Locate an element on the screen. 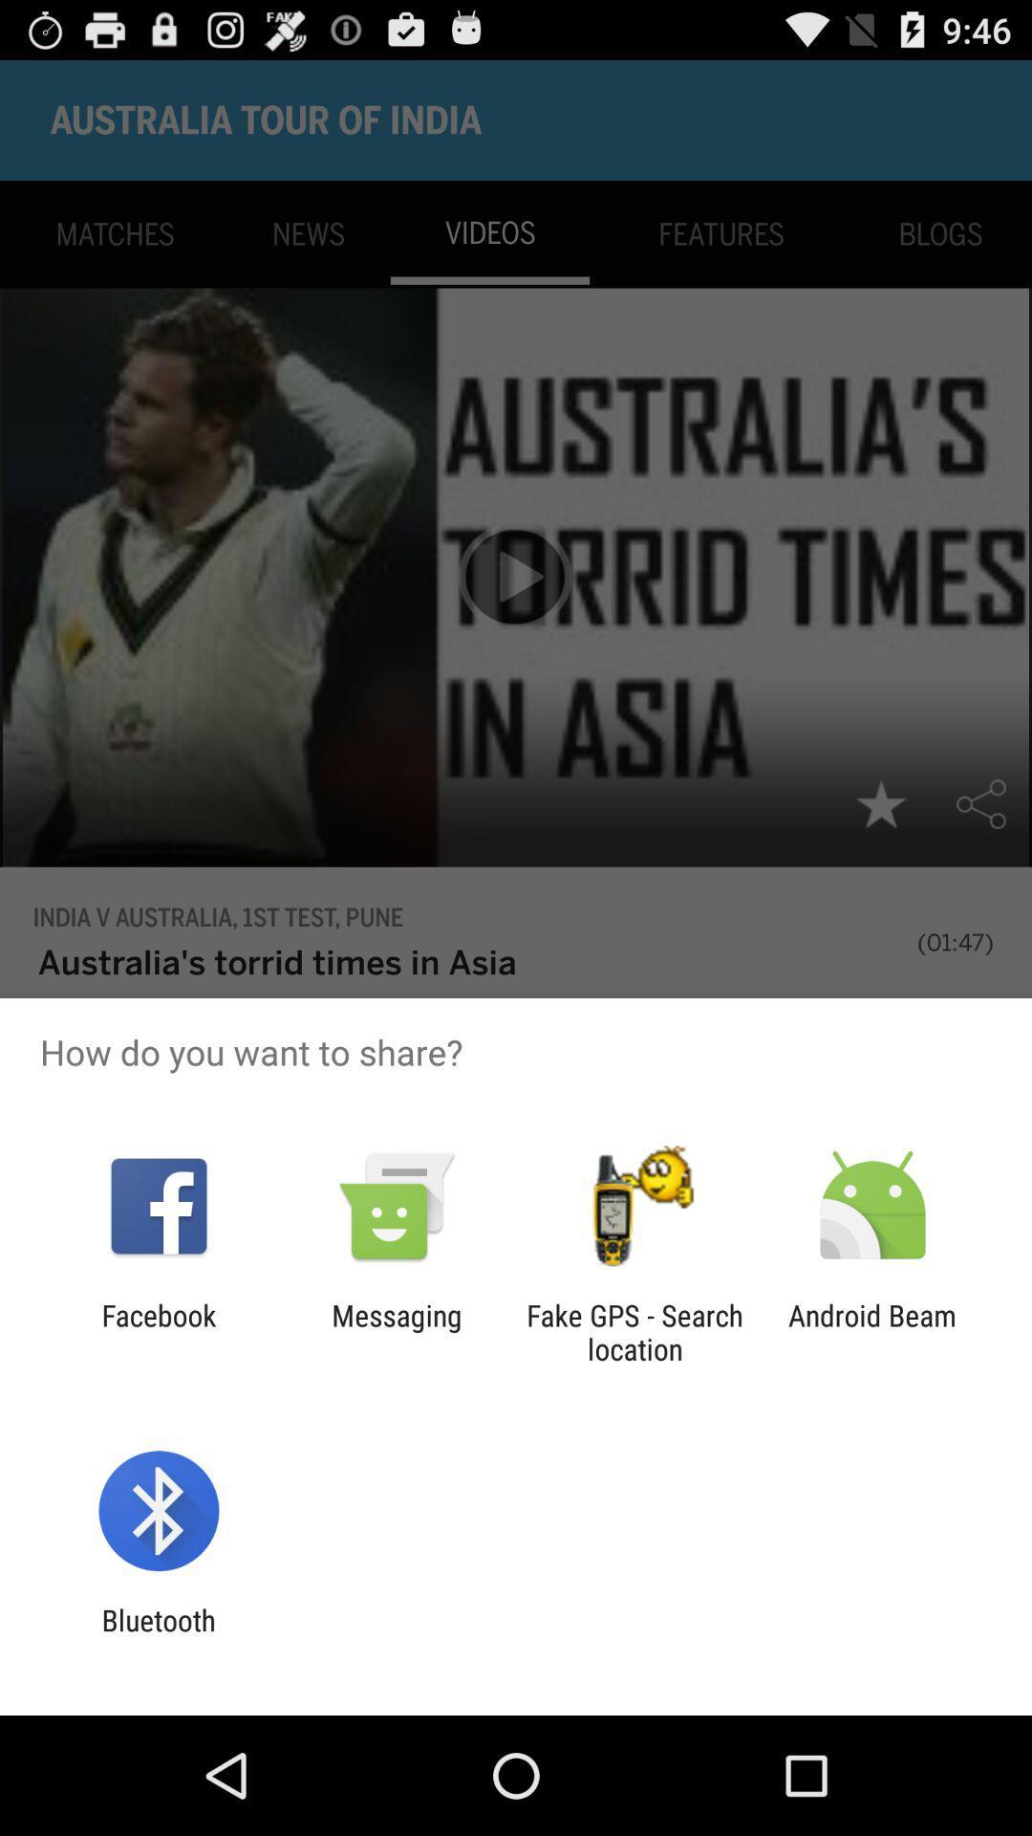 This screenshot has height=1836, width=1032. icon to the right of fake gps search app is located at coordinates (872, 1331).